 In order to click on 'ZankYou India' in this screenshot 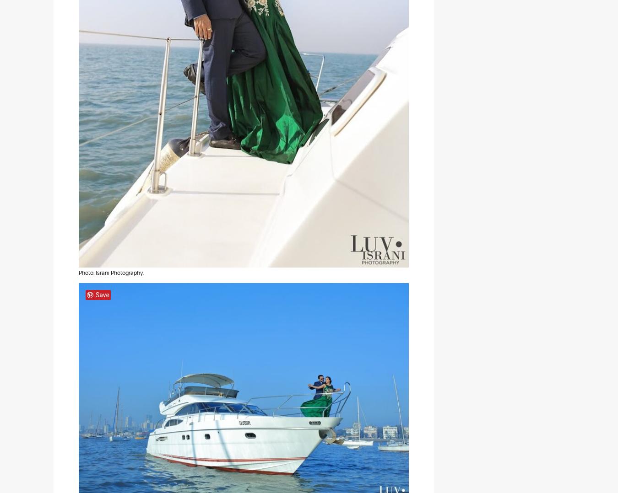, I will do `click(269, 289)`.